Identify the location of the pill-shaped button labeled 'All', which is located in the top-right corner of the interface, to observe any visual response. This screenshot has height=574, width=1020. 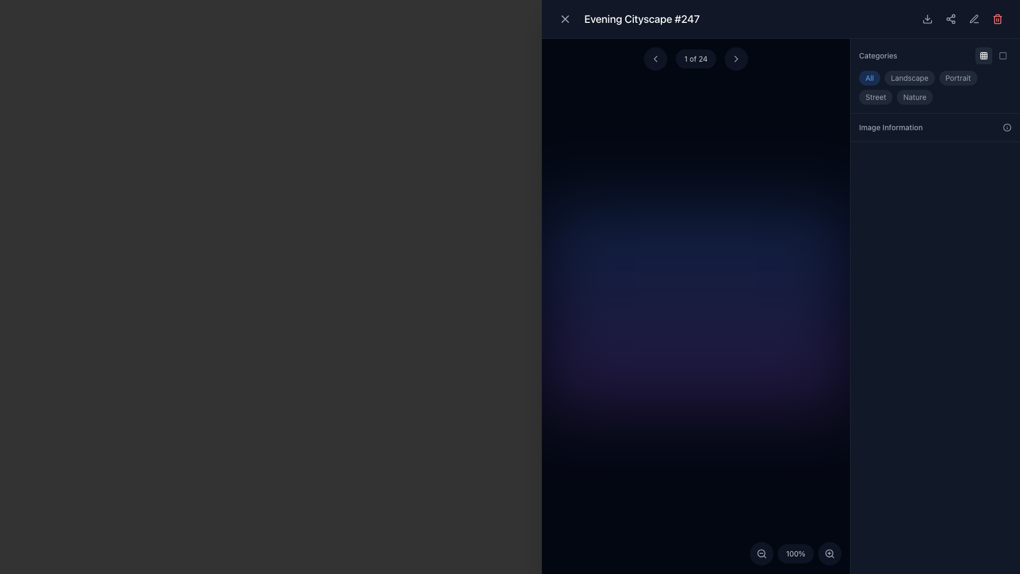
(869, 77).